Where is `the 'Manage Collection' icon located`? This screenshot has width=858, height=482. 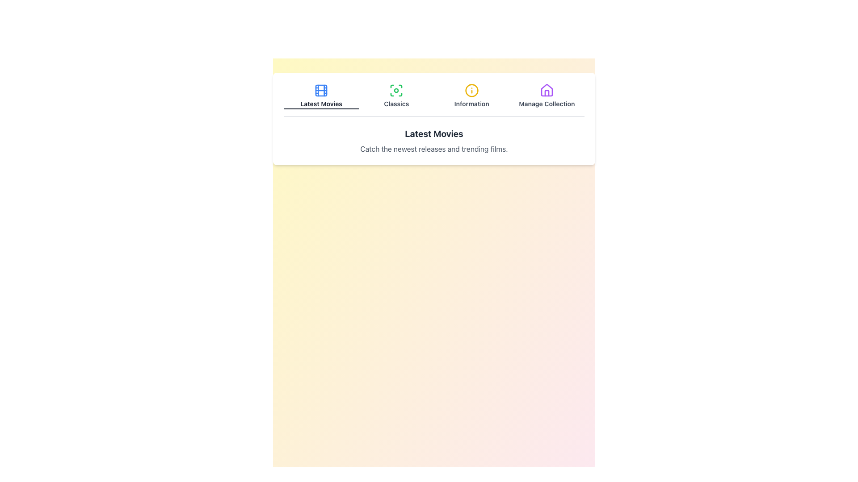 the 'Manage Collection' icon located is located at coordinates (546, 91).